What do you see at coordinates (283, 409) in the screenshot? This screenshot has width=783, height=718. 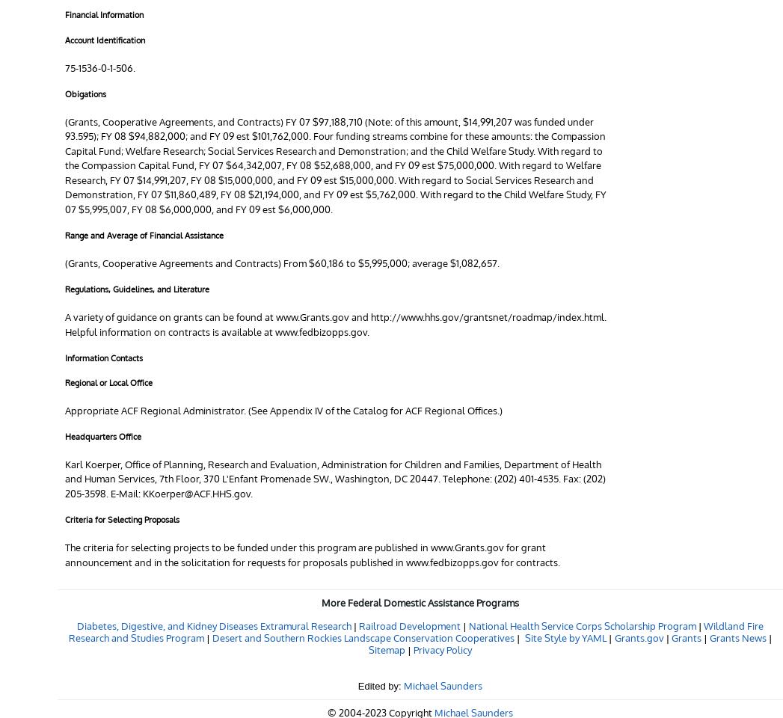 I see `'Appropriate ACF Regional Administrator. (See Appendix IV of the Catalog for ACF Regional Offices.)'` at bounding box center [283, 409].